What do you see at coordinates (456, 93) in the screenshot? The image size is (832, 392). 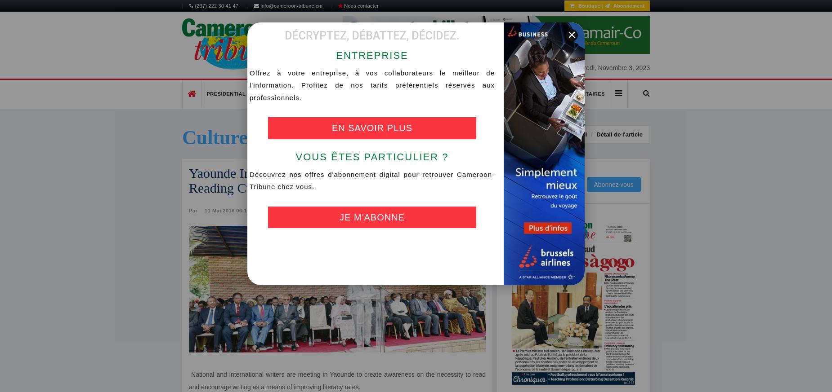 I see `'International'` at bounding box center [456, 93].